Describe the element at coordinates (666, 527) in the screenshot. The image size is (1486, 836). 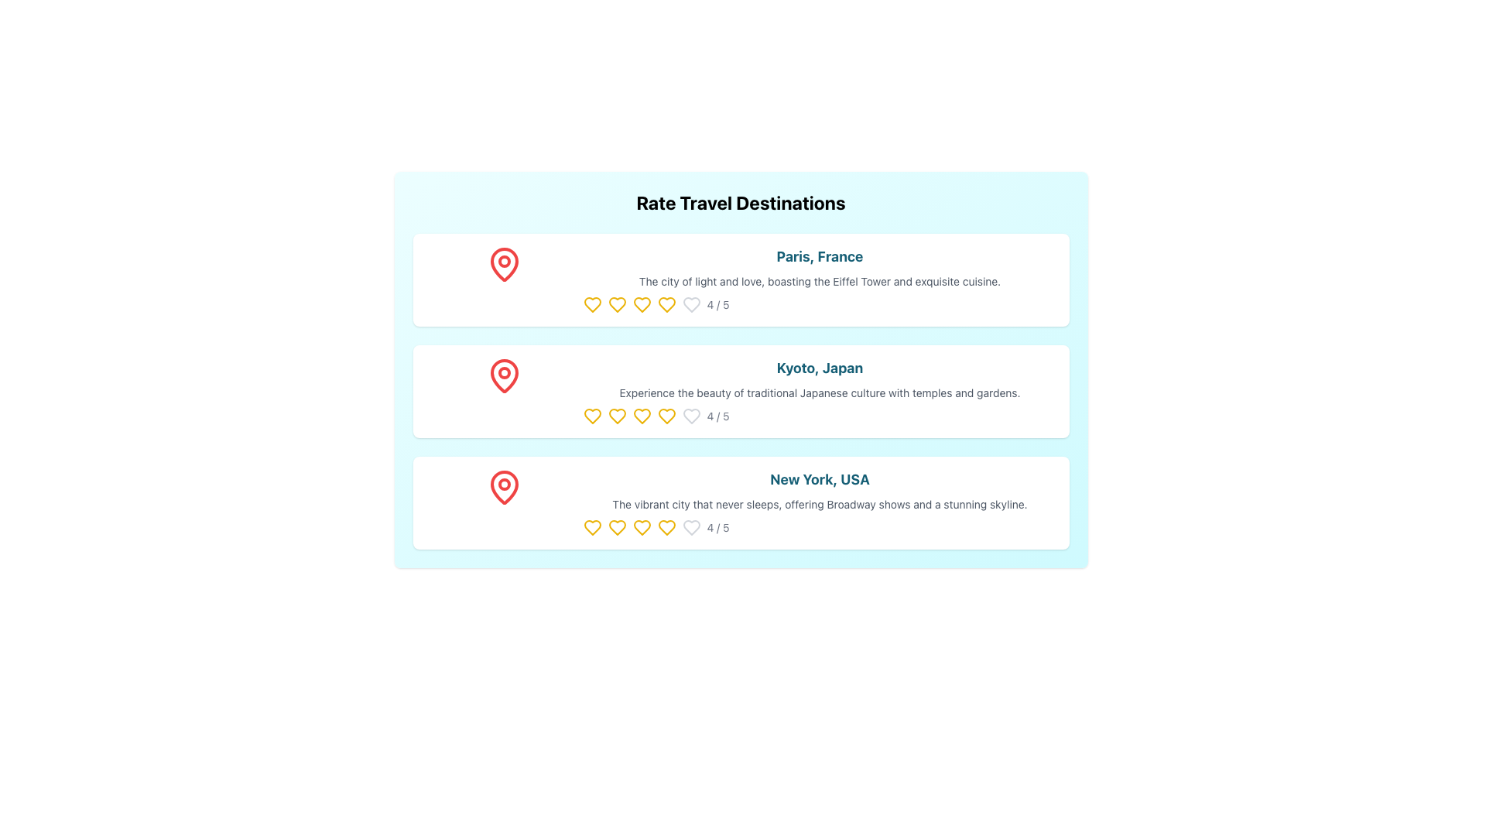
I see `the fourth heart-shaped icon with a yellow outline below the text 'New York, USA'` at that location.